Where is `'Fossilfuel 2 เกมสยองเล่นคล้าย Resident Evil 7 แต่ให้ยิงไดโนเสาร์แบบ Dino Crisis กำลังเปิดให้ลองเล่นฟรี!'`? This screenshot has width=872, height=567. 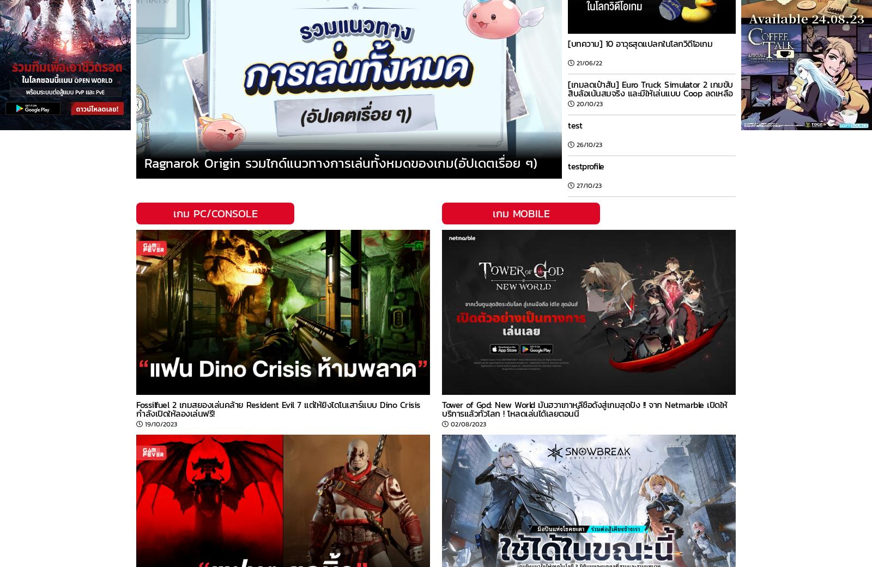
'Fossilfuel 2 เกมสยองเล่นคล้าย Resident Evil 7 แต่ให้ยิงไดโนเสาร์แบบ Dino Crisis กำลังเปิดให้ลองเล่นฟรี!' is located at coordinates (136, 409).